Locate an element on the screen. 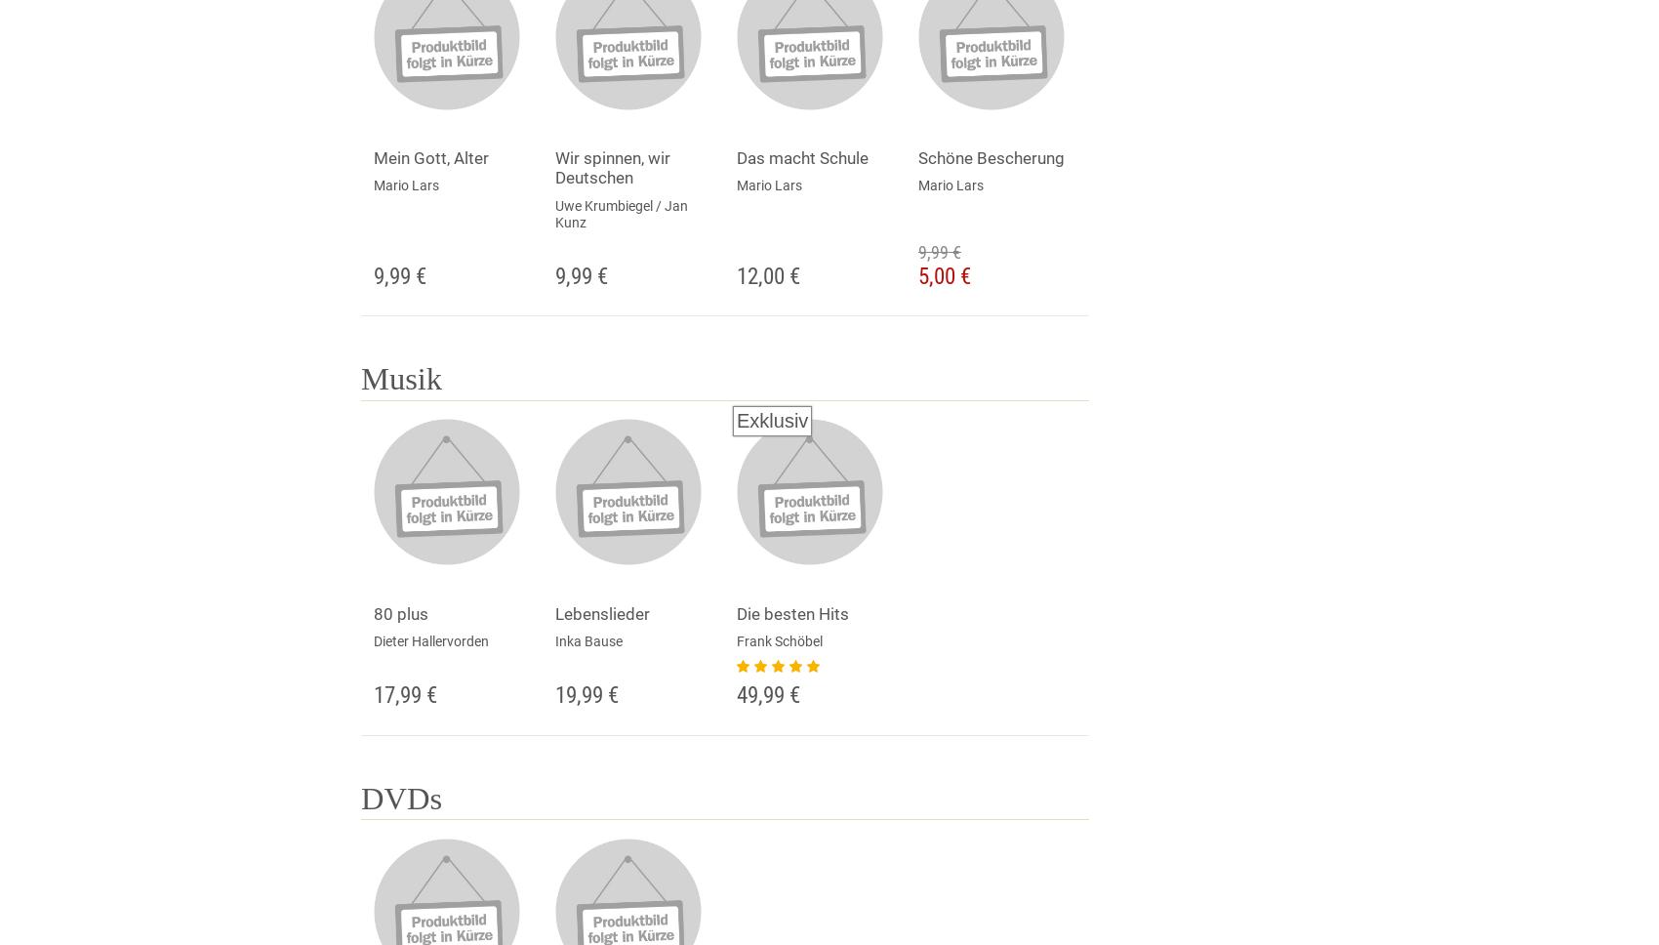 The image size is (1659, 945). 'Das macht Schule' is located at coordinates (801, 158).